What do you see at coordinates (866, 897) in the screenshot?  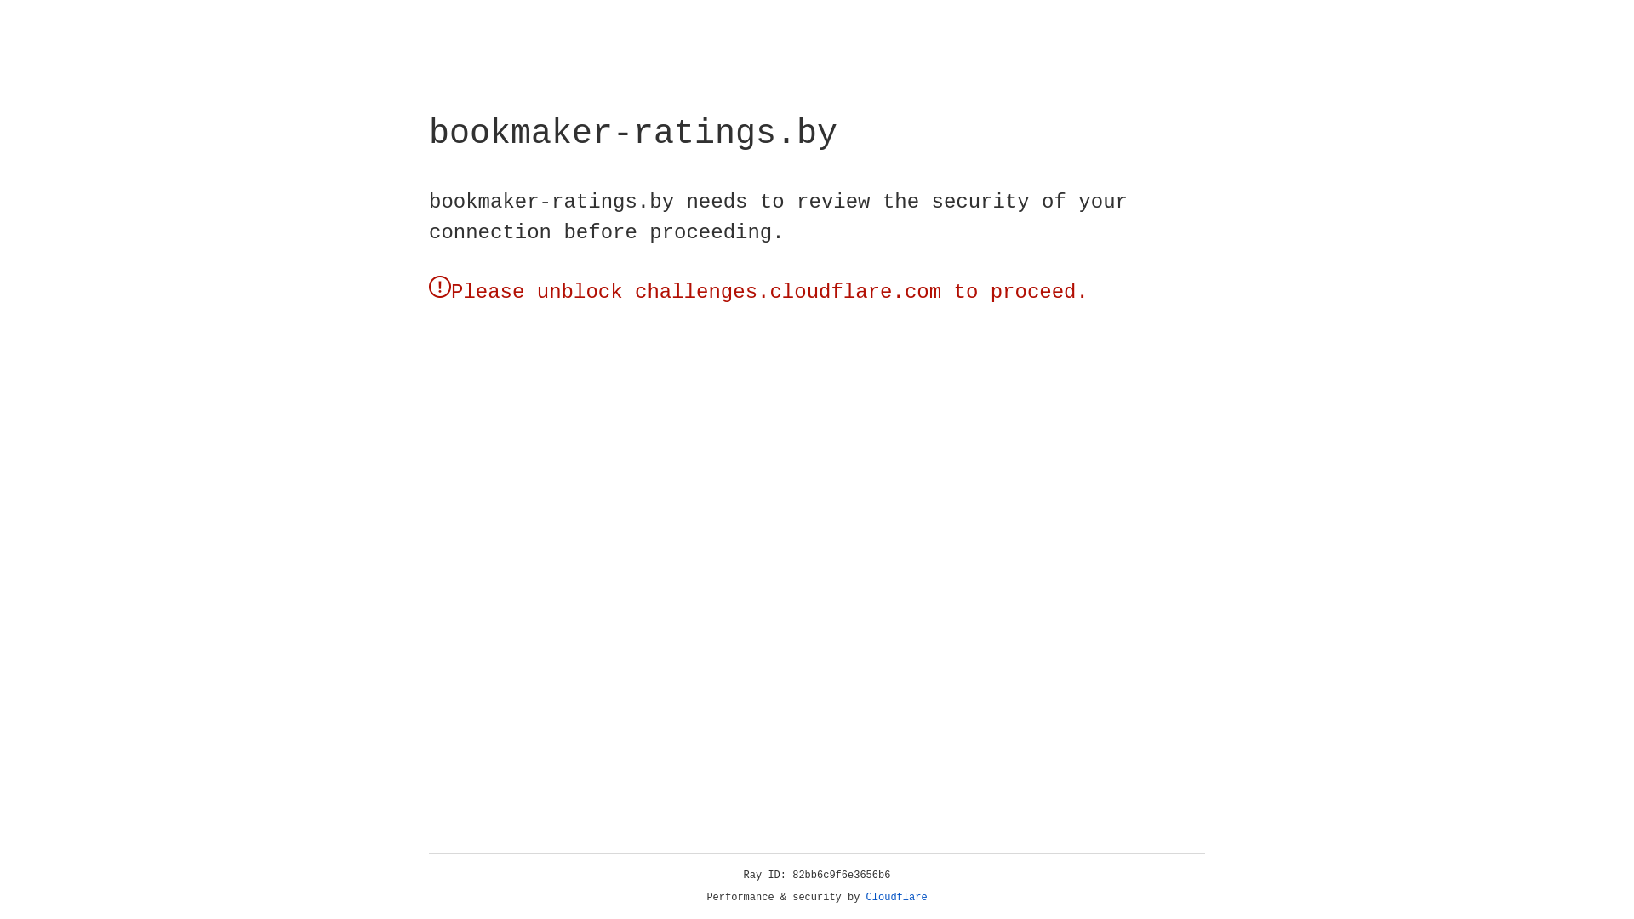 I see `'Cloudflare'` at bounding box center [866, 897].